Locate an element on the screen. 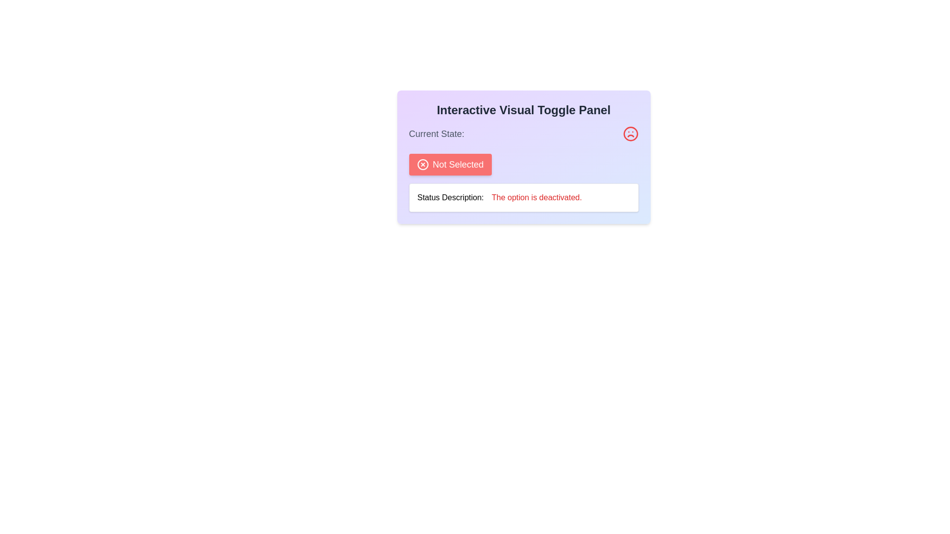 This screenshot has width=950, height=534. the toggle button located below the 'Current State:' text and above the 'Status Description' section to observe hover effects is located at coordinates (450, 164).